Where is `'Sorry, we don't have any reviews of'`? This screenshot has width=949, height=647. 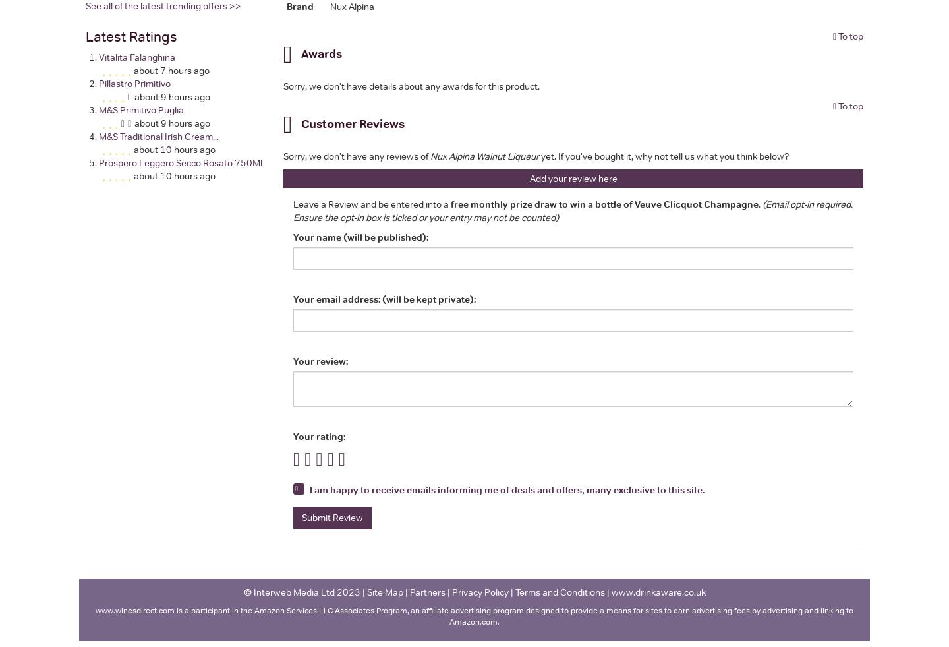
'Sorry, we don't have any reviews of' is located at coordinates (283, 155).